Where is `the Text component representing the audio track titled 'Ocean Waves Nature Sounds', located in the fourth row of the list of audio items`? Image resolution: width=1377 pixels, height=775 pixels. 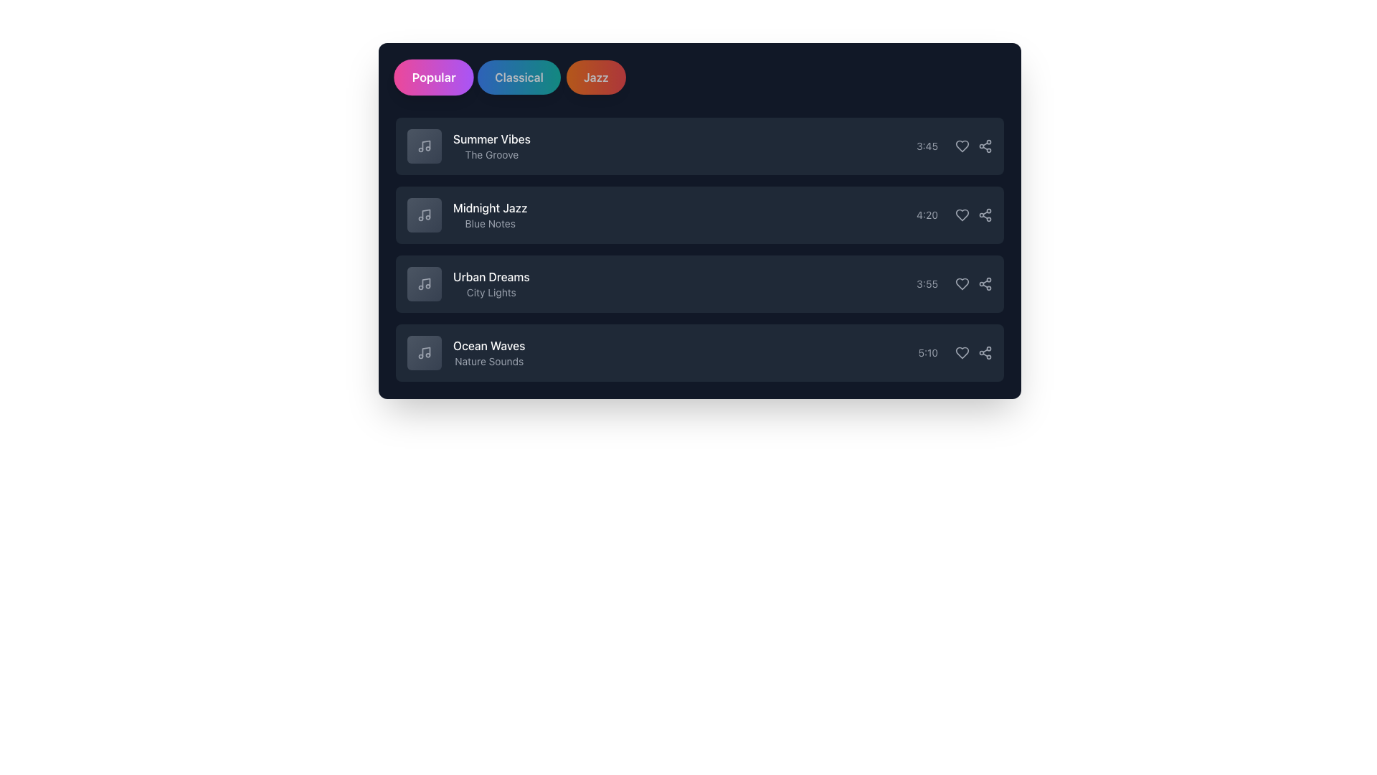
the Text component representing the audio track titled 'Ocean Waves Nature Sounds', located in the fourth row of the list of audio items is located at coordinates (466, 353).